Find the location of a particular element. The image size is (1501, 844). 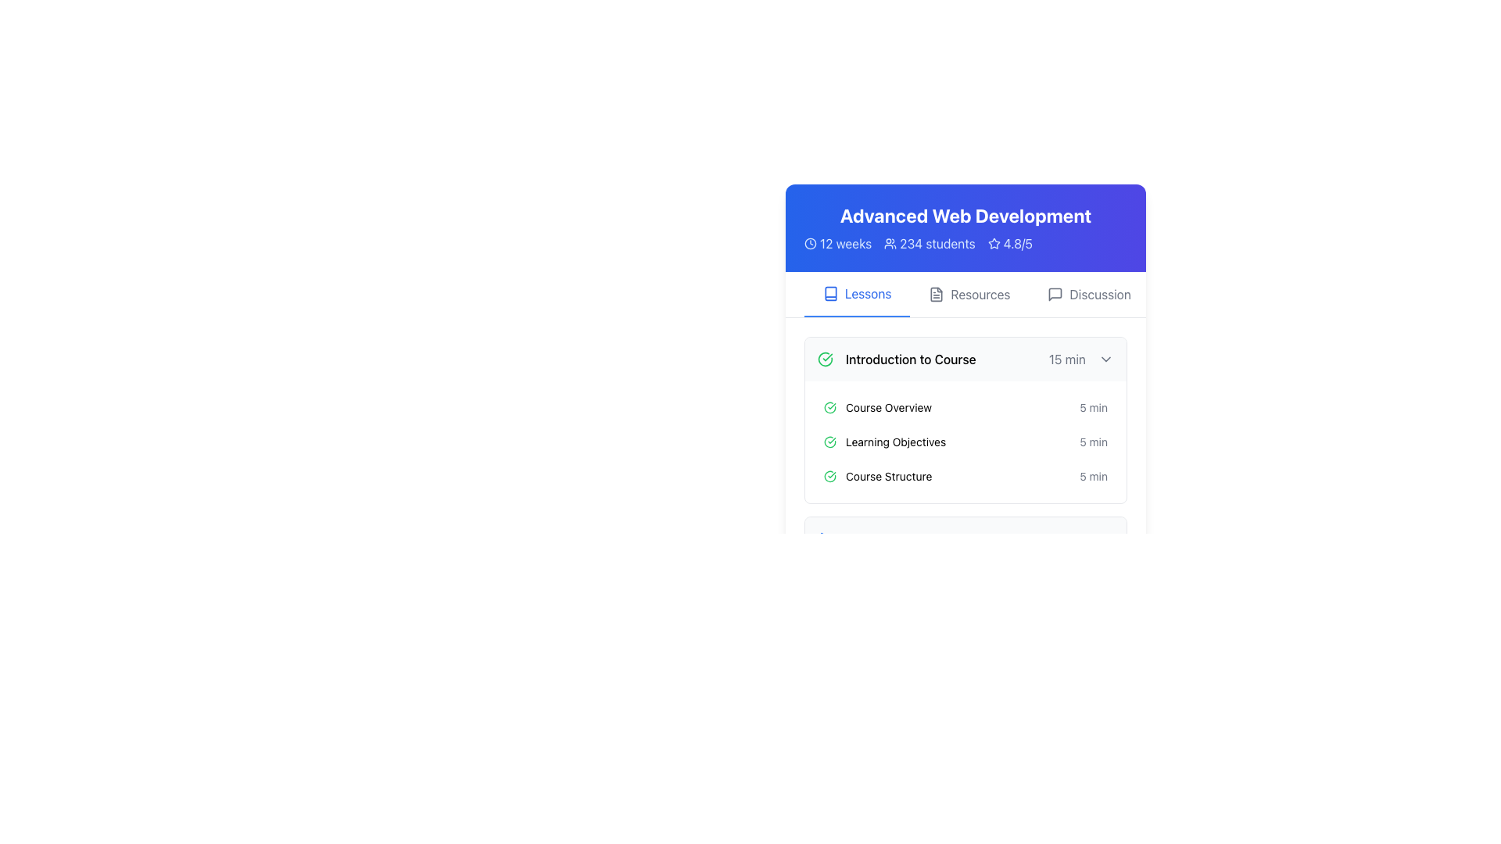

the text with icon that represents a lesson or topic in the course structure, specifically the third item in the list under 'Introduction to Course' is located at coordinates (878, 475).